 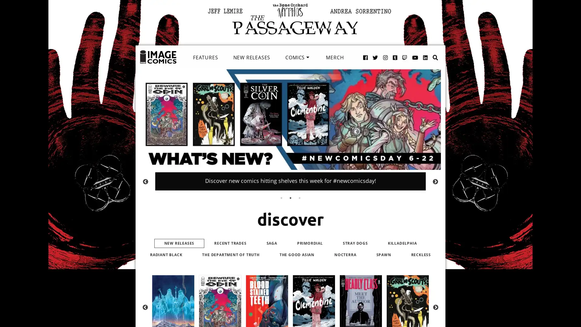 What do you see at coordinates (435, 181) in the screenshot?
I see `Next` at bounding box center [435, 181].